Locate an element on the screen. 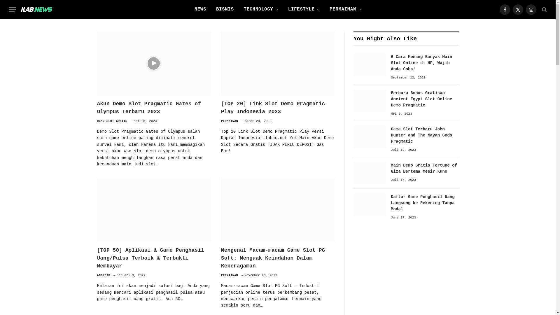 The width and height of the screenshot is (560, 315). 'X (Twitter)' is located at coordinates (518, 10).